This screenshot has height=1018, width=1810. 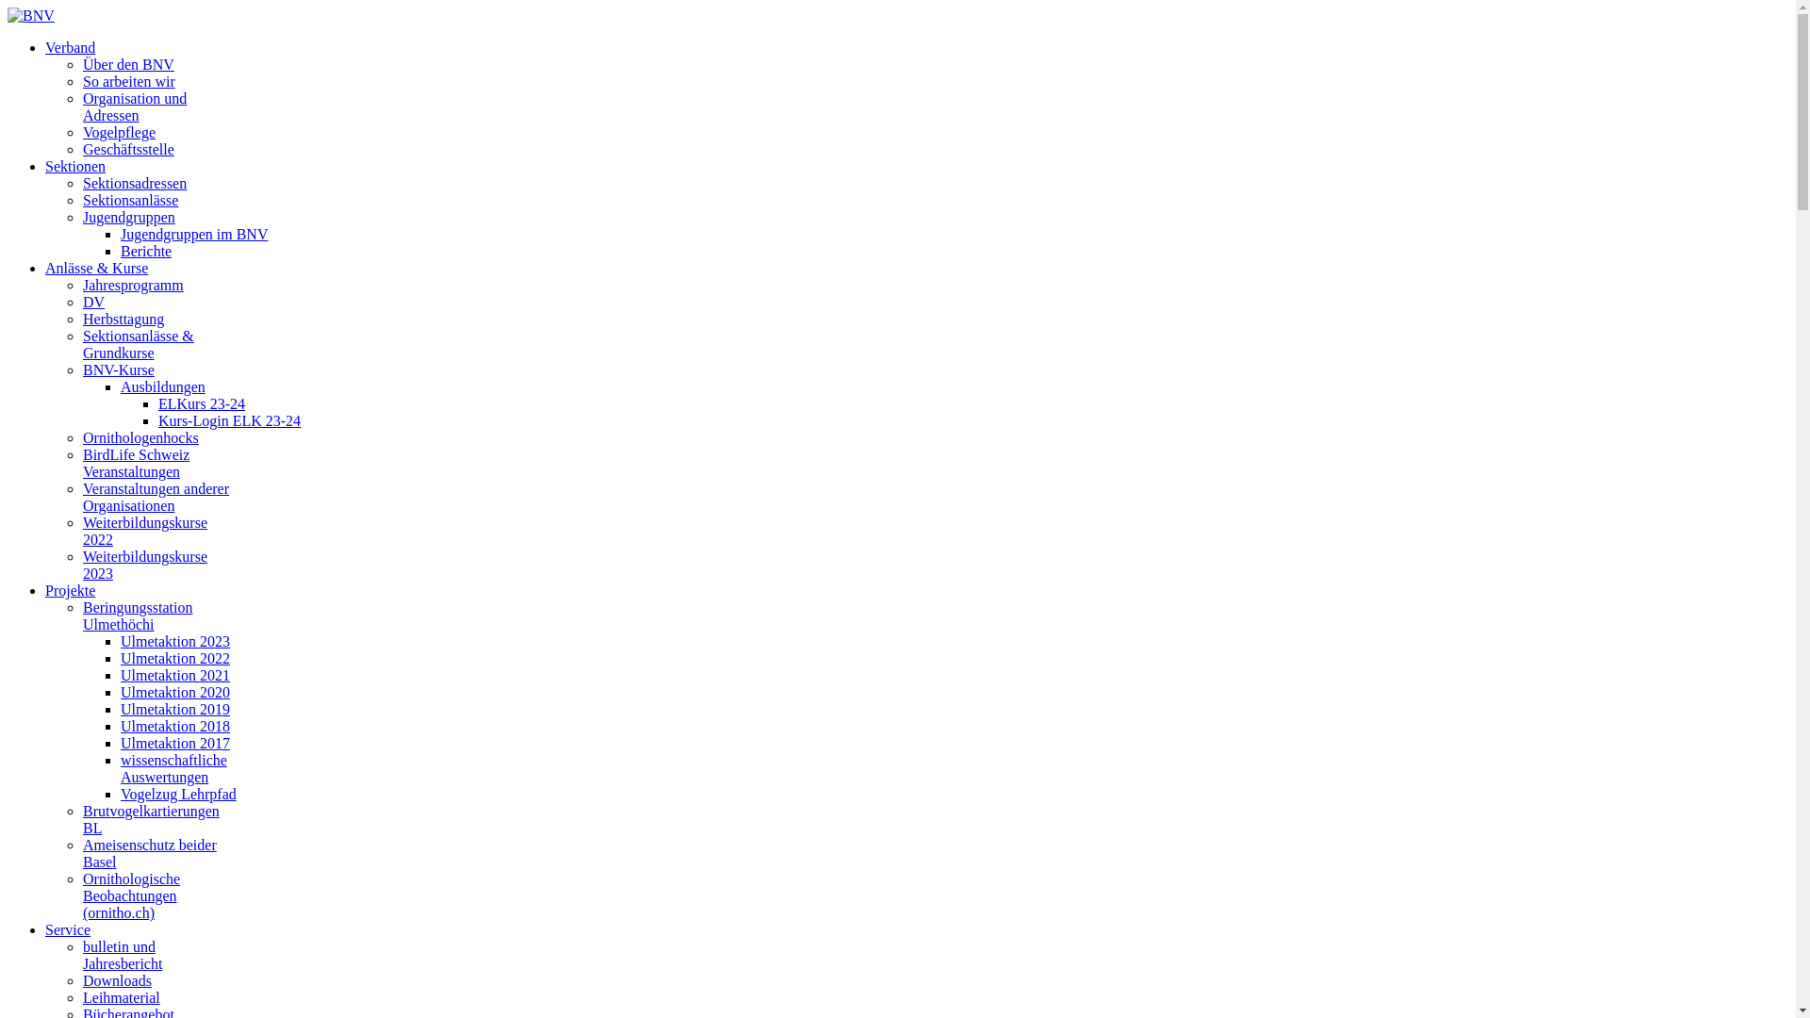 I want to click on 'Sektionsadressen', so click(x=134, y=183).